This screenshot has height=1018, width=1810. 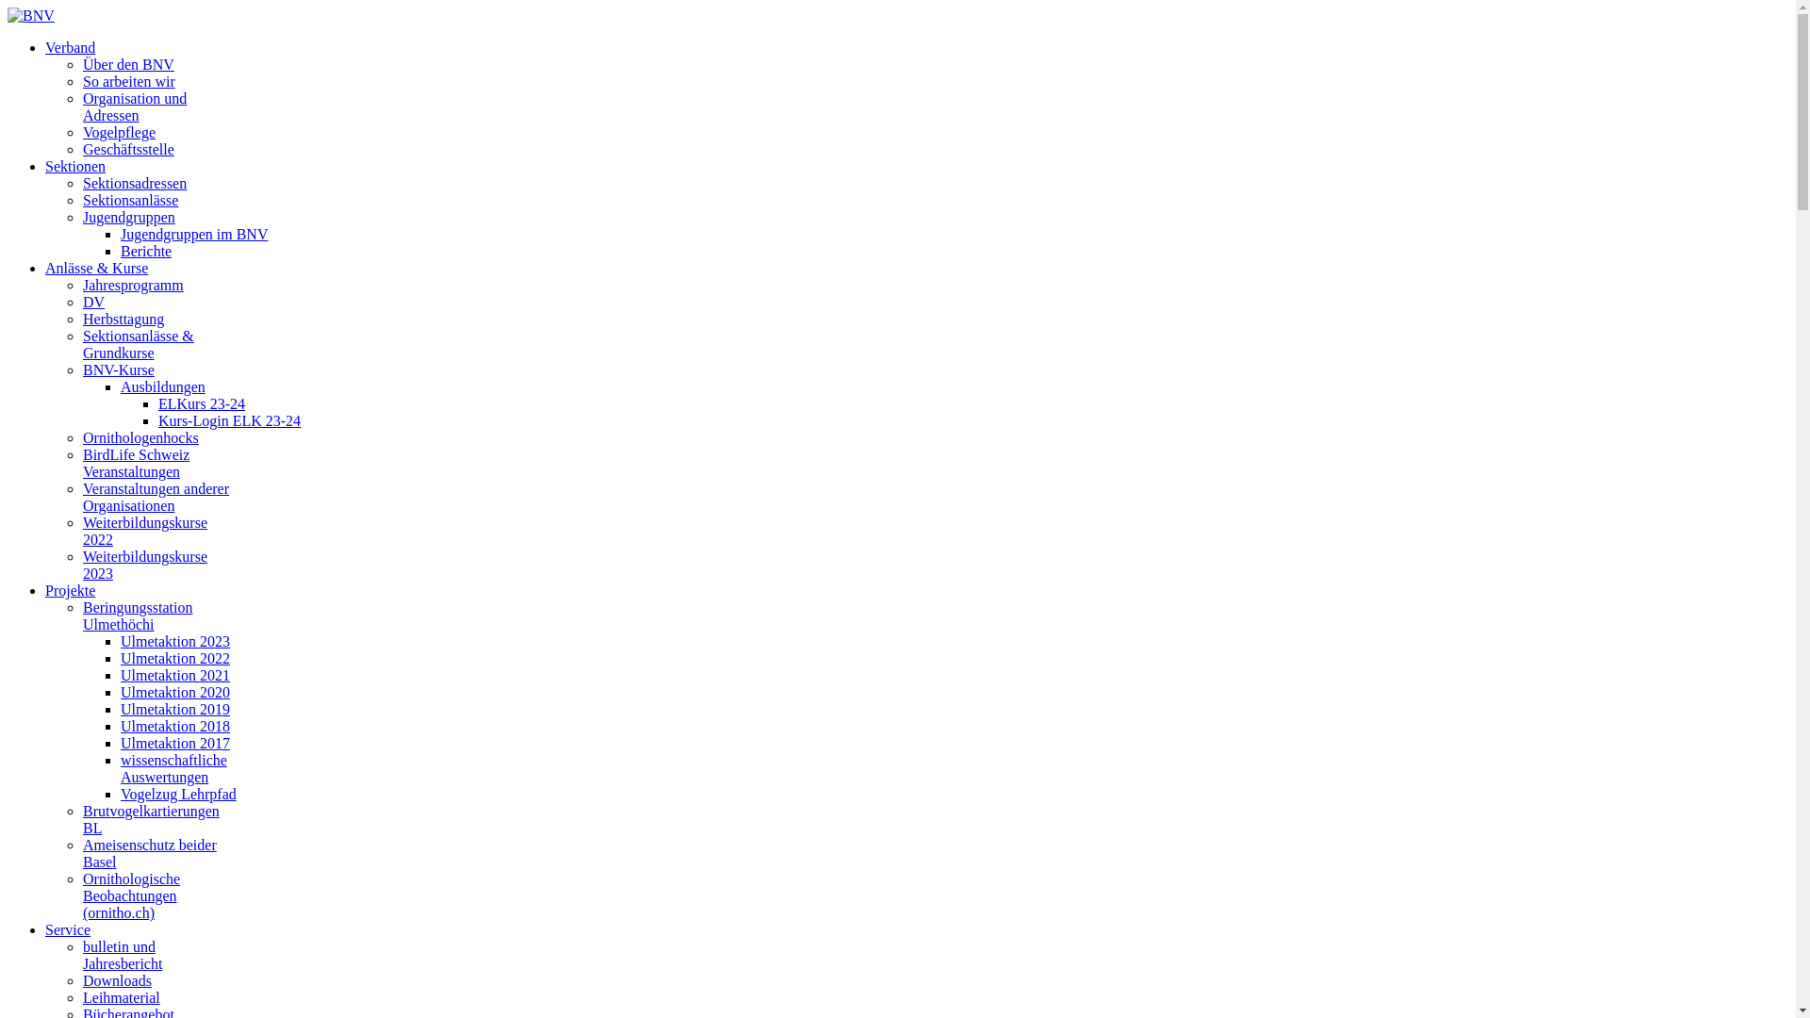 I want to click on 'Sektionsadressen', so click(x=134, y=183).